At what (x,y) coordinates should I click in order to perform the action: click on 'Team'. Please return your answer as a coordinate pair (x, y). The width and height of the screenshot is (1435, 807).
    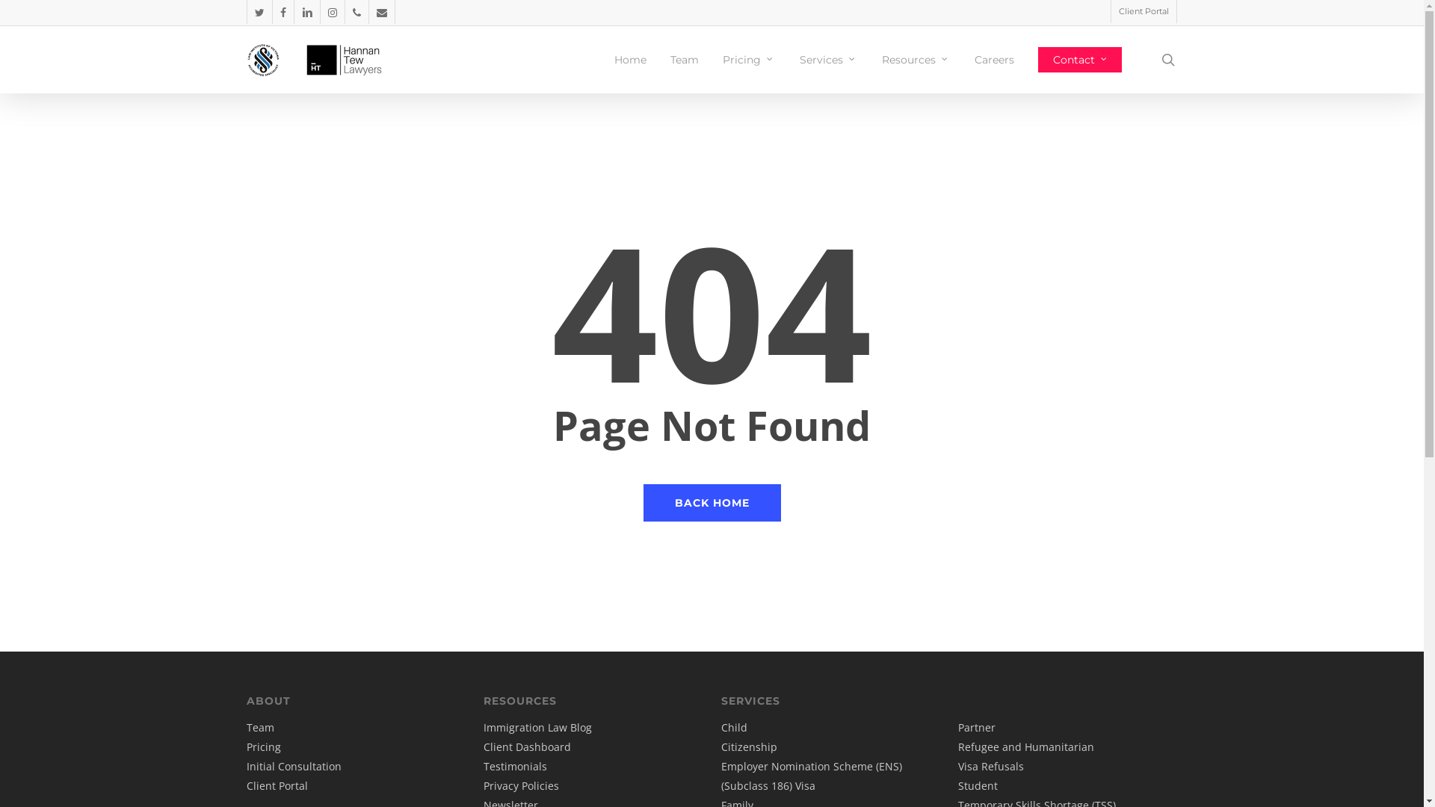
    Looking at the image, I should click on (260, 726).